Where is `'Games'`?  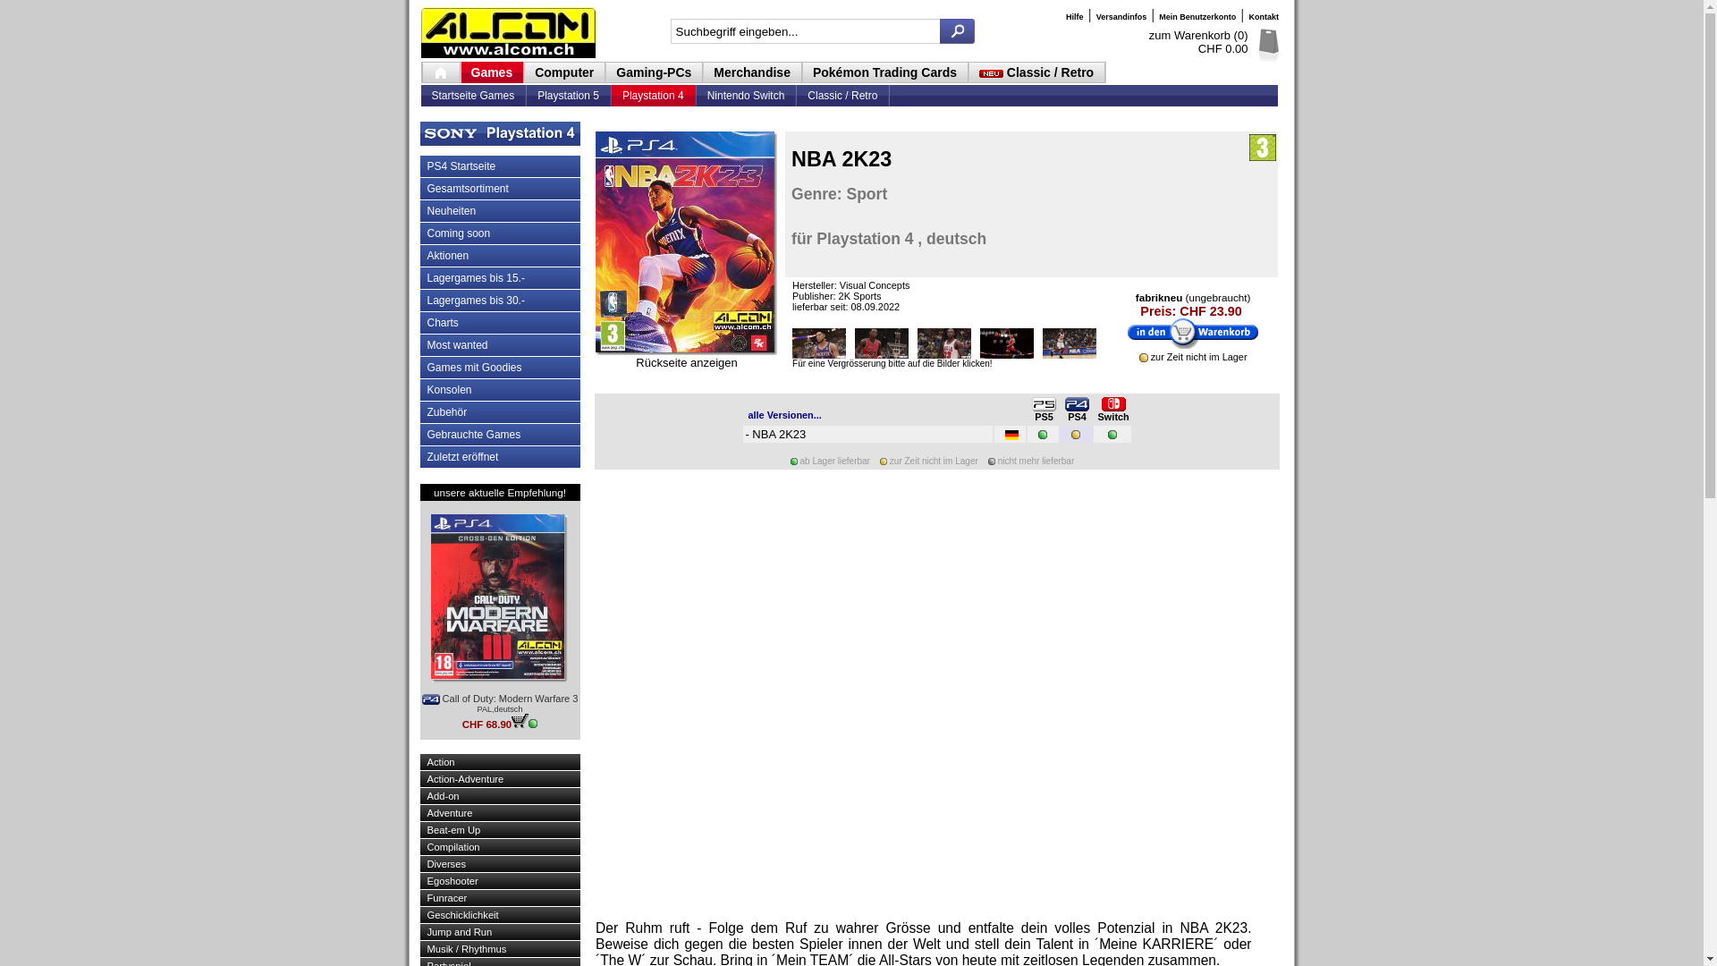
'Games' is located at coordinates (493, 72).